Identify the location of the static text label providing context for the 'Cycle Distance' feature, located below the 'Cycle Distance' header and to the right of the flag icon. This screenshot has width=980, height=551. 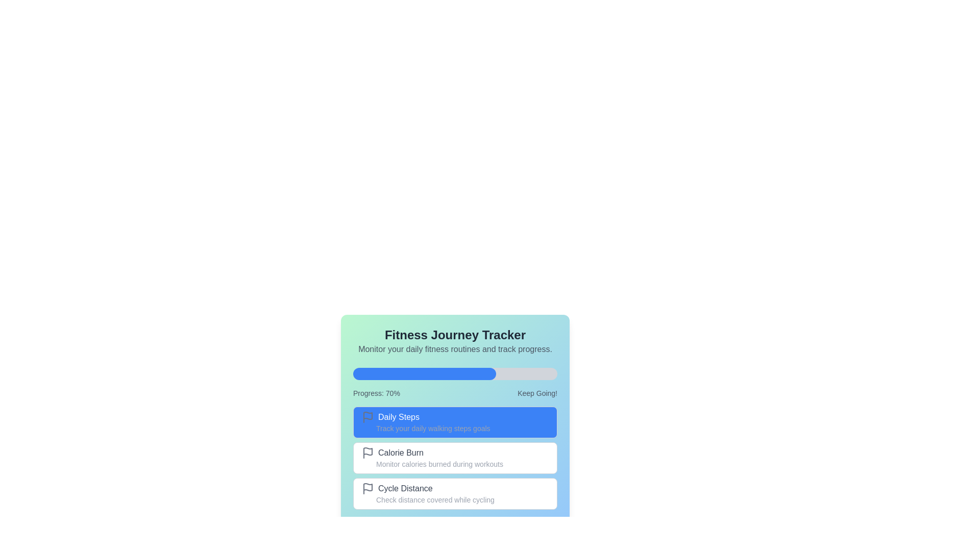
(462, 499).